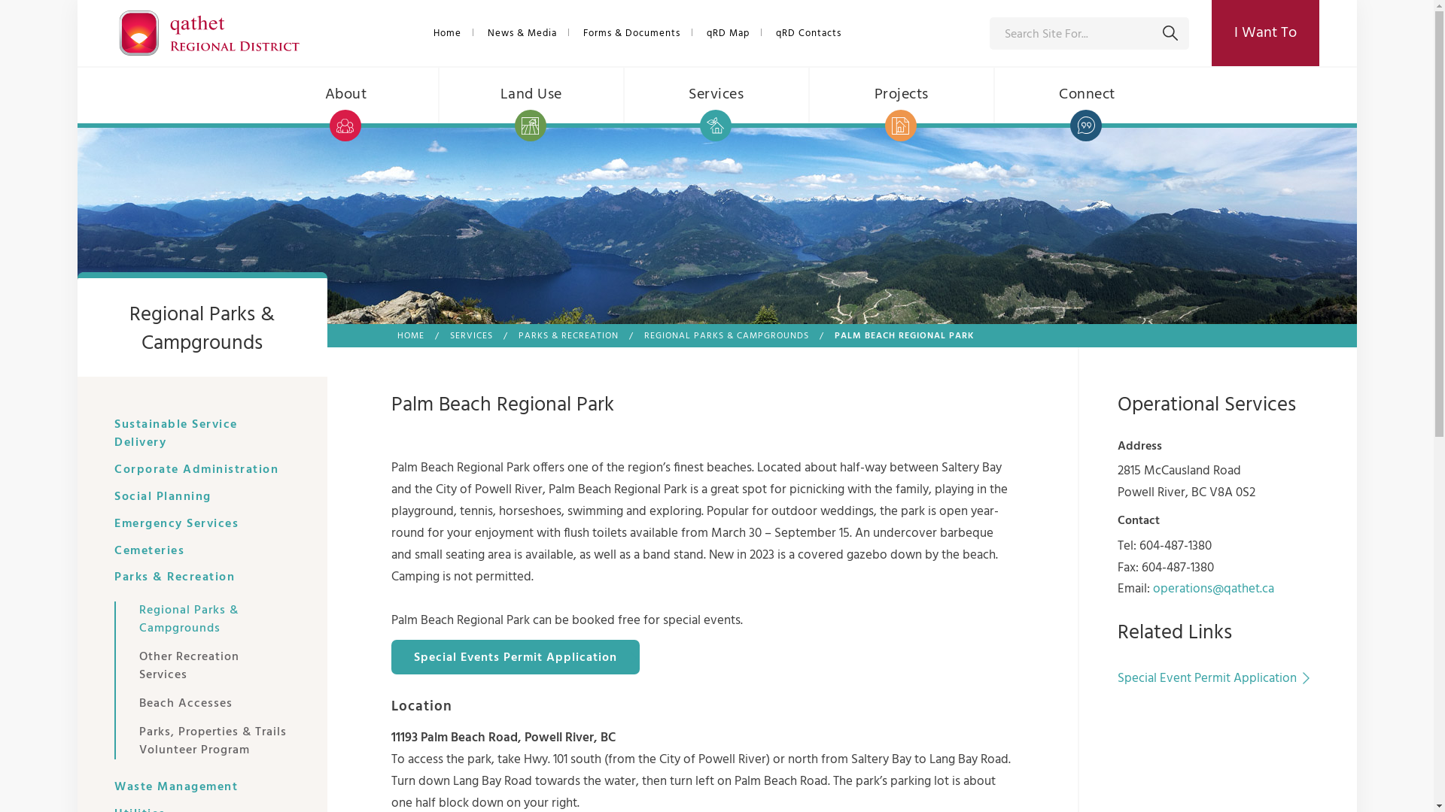 The image size is (1445, 812). Describe the element at coordinates (176, 786) in the screenshot. I see `'Waste Management'` at that location.